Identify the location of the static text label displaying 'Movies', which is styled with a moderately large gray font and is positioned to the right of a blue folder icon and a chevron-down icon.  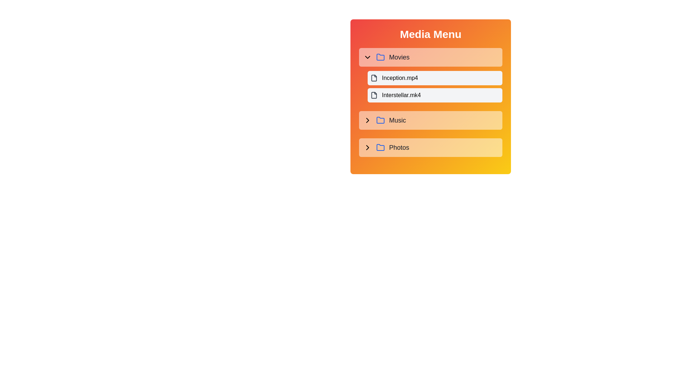
(399, 57).